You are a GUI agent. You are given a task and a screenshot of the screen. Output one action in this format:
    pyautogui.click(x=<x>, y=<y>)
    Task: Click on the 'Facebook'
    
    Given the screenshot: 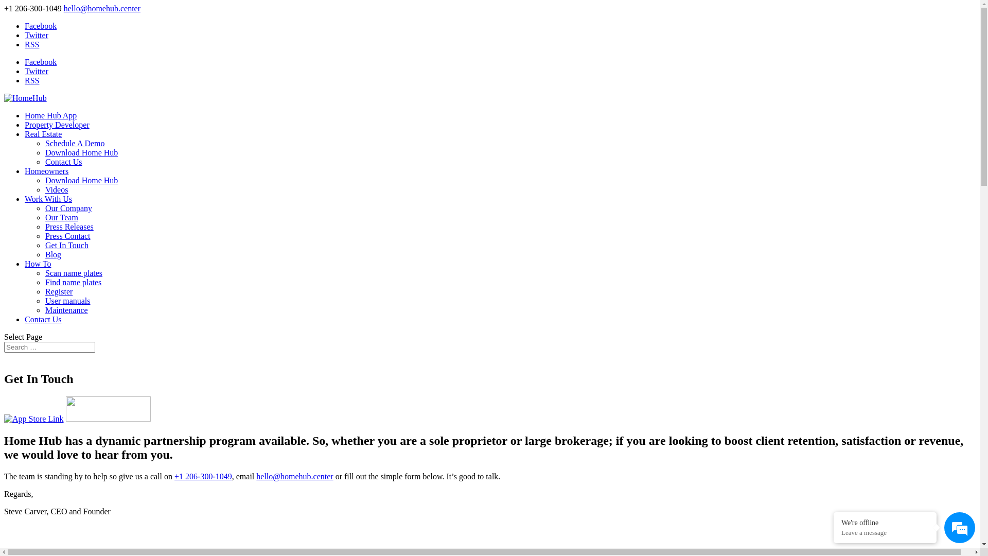 What is the action you would take?
    pyautogui.click(x=25, y=62)
    